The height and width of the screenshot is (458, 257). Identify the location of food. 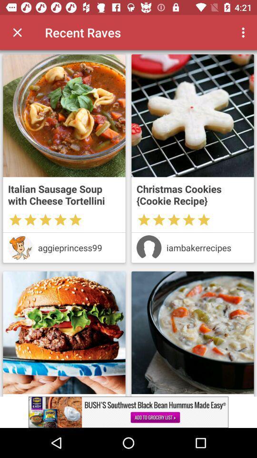
(193, 115).